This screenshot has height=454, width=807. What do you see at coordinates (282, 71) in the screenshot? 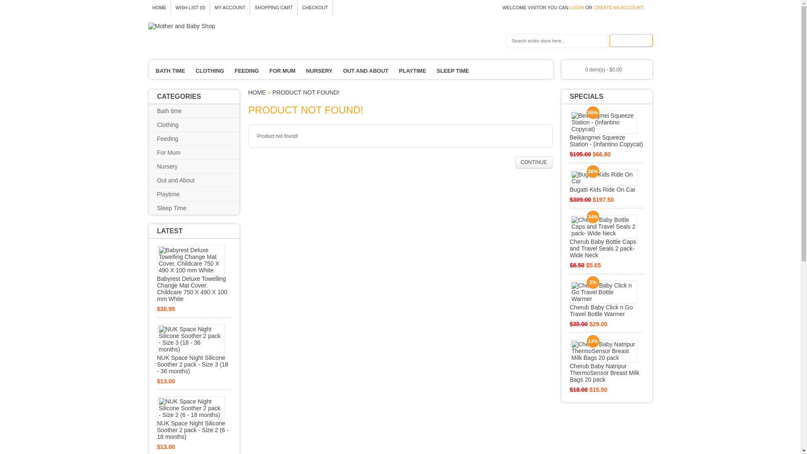
I see `'FOR MUM'` at bounding box center [282, 71].